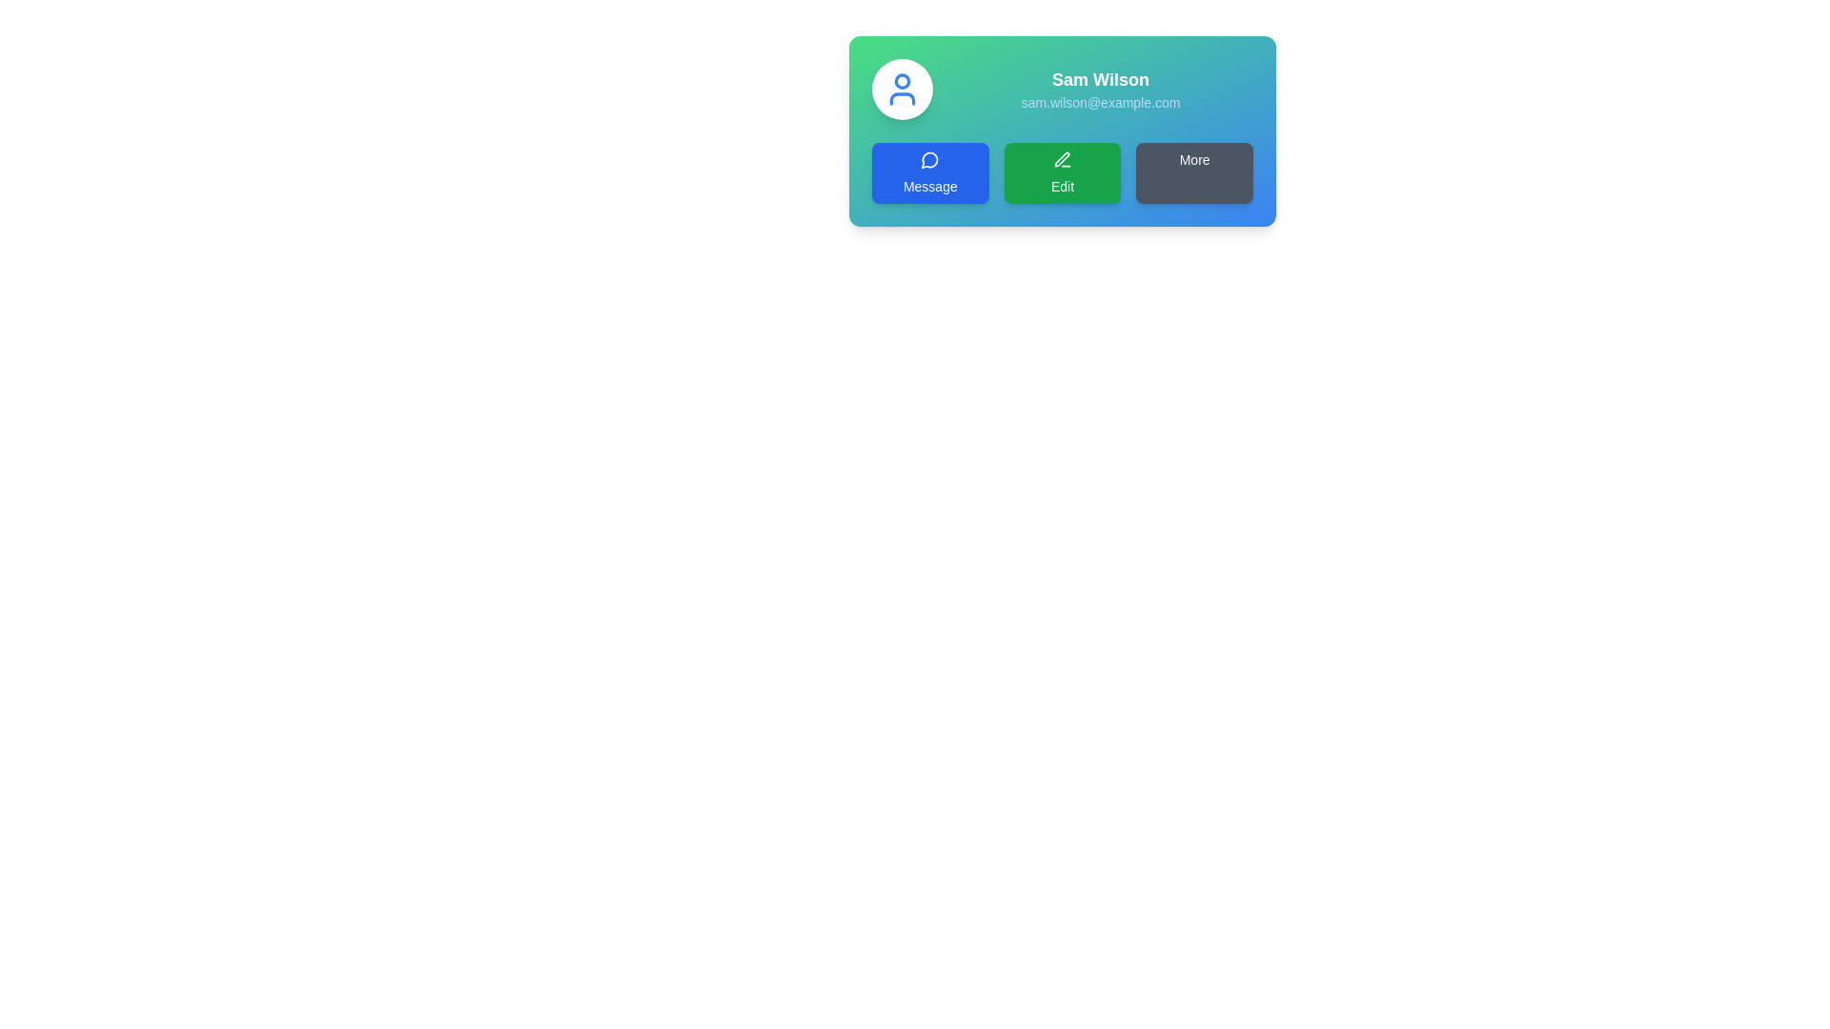 The width and height of the screenshot is (1830, 1029). I want to click on the Decorative Icon, which is a speech bubble-shaped icon filled with a blue gradient, located centrally within the button labeled 'Message', so click(929, 159).